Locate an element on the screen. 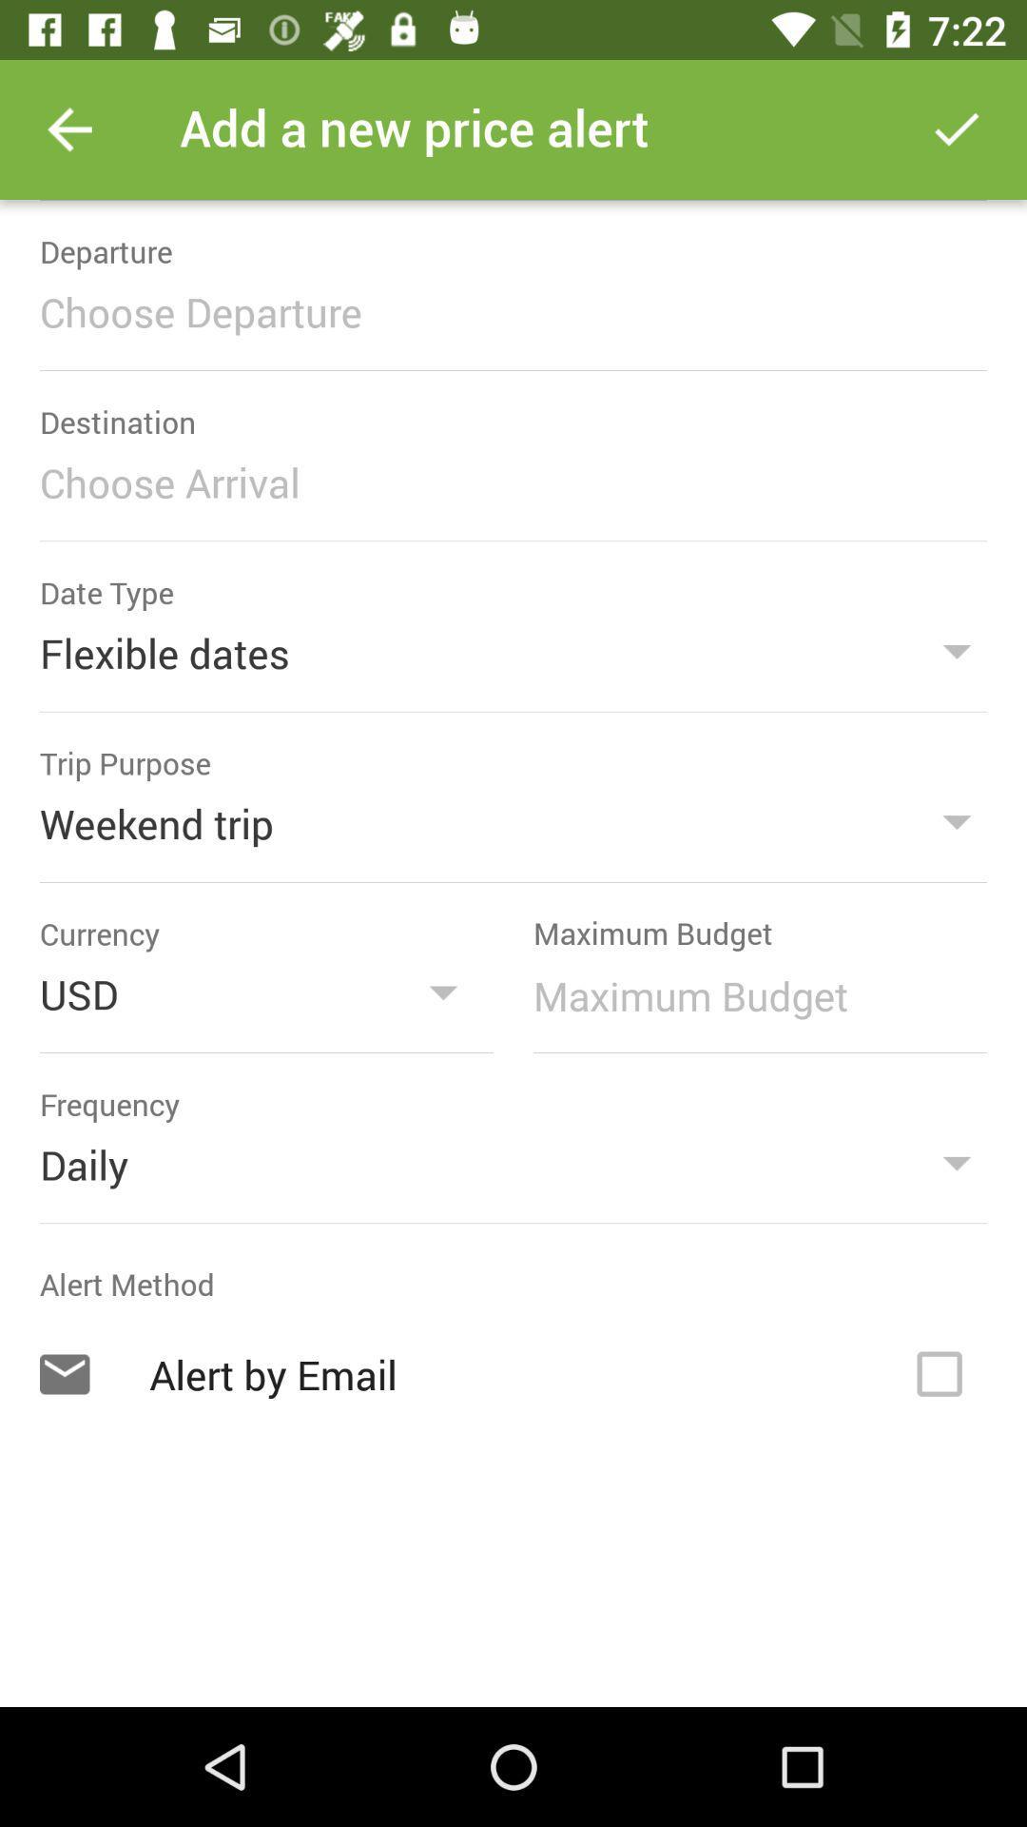 The height and width of the screenshot is (1827, 1027). done option is located at coordinates (957, 128).